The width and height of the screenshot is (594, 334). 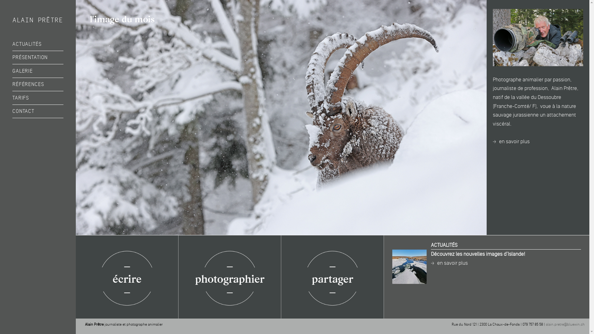 What do you see at coordinates (37, 54) in the screenshot?
I see `'ouvrir le sous-menu'` at bounding box center [37, 54].